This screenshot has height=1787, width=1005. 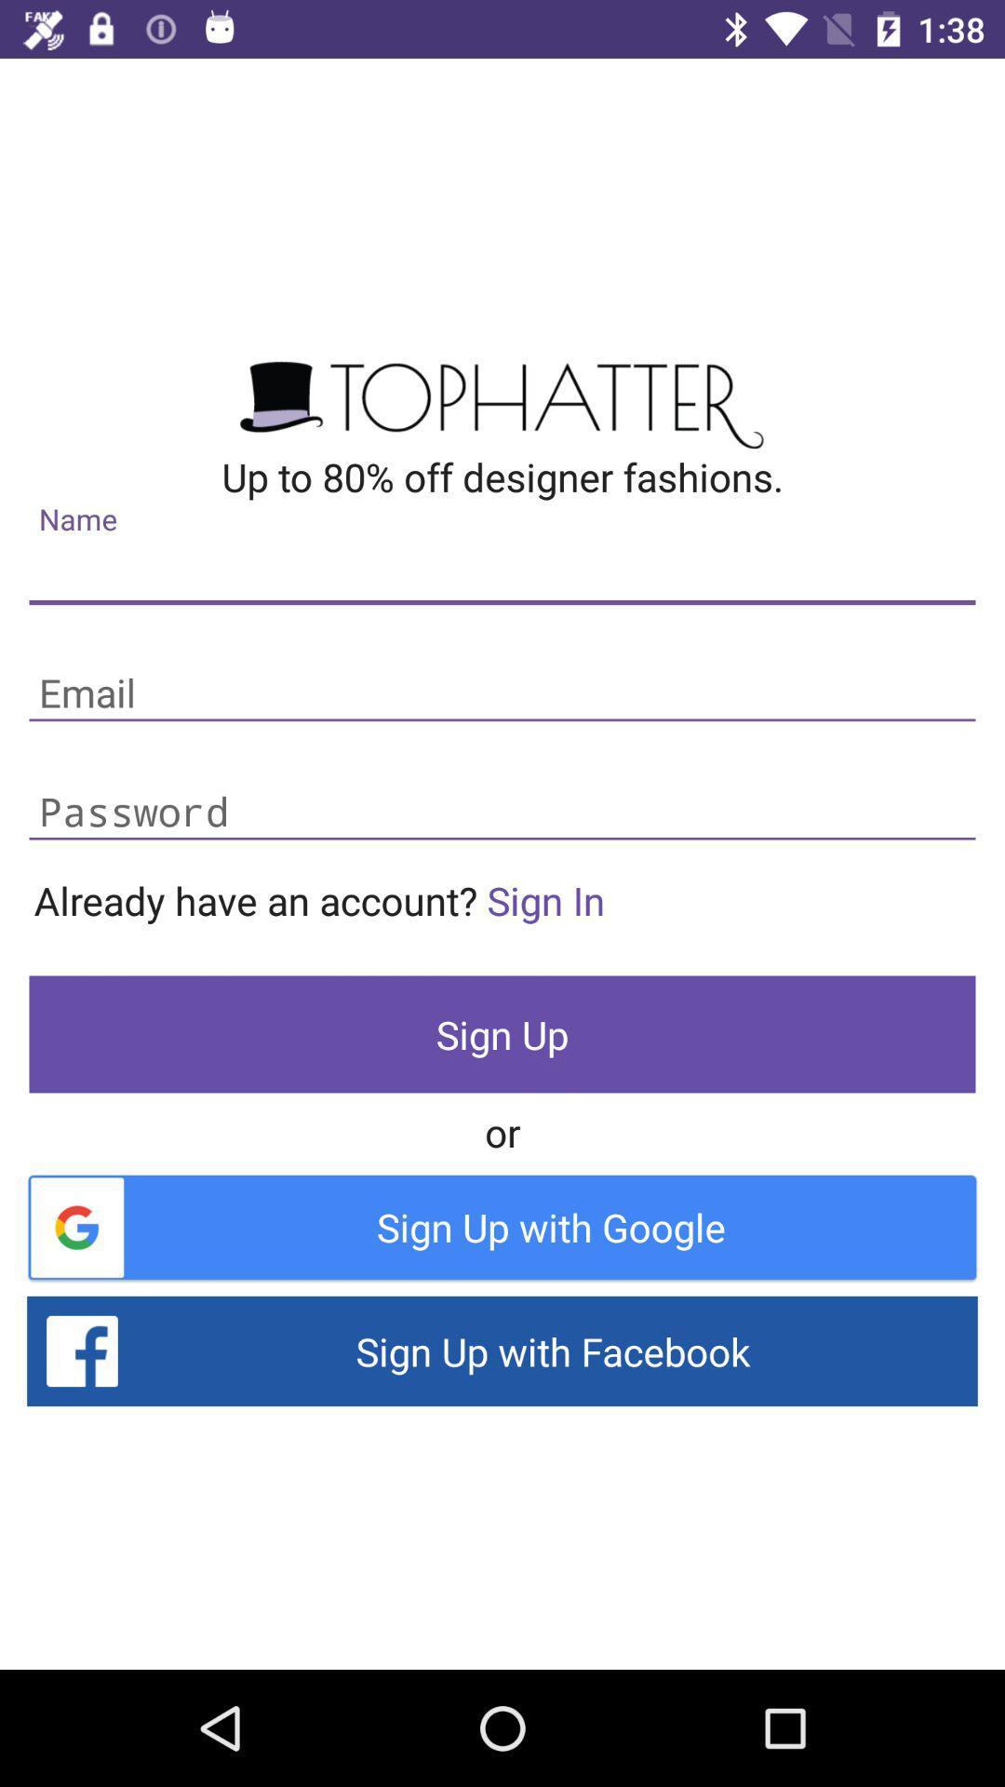 What do you see at coordinates (502, 813) in the screenshot?
I see `fill the option` at bounding box center [502, 813].